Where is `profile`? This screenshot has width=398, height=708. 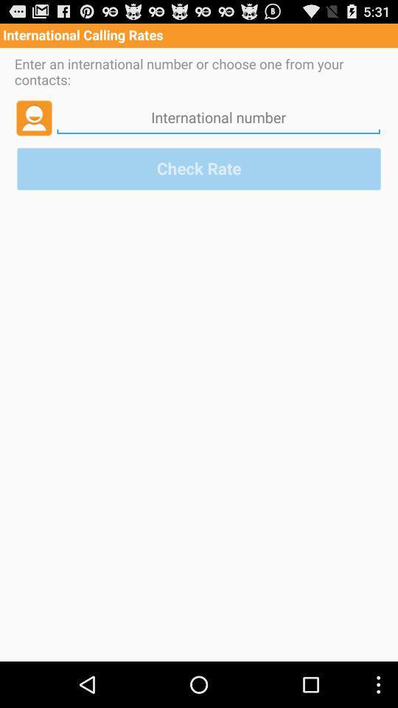
profile is located at coordinates (34, 117).